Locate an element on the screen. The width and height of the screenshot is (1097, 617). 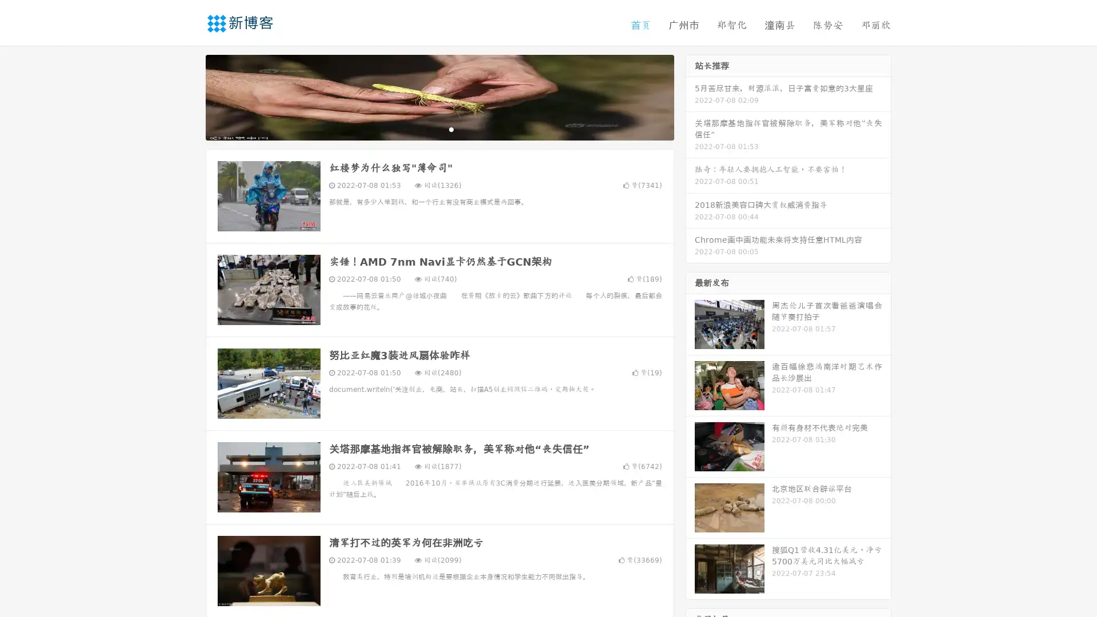
Go to slide 3 is located at coordinates (451, 129).